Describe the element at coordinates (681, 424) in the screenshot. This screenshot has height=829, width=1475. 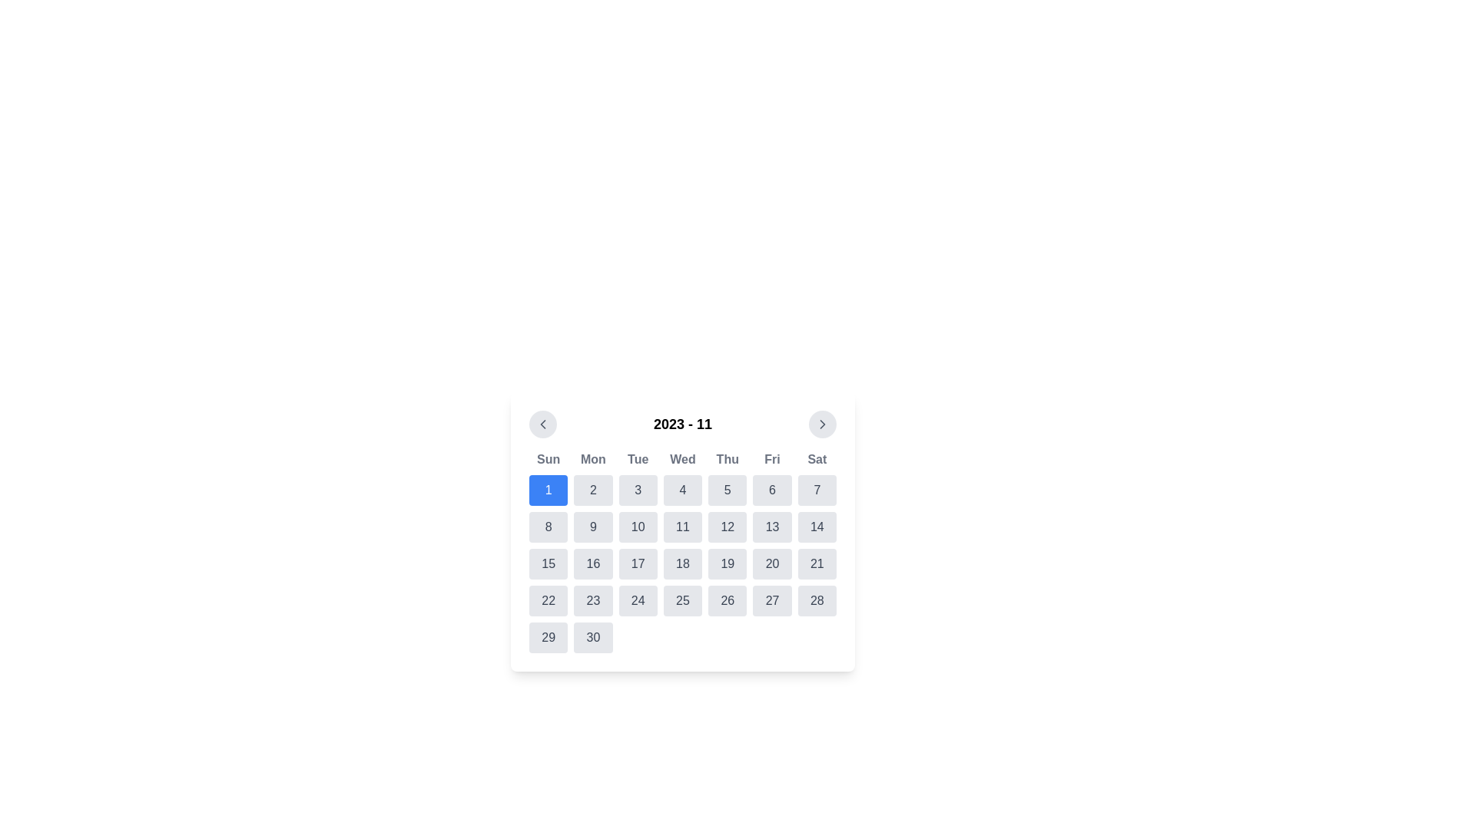
I see `the Text Label that indicates the currently selected year and month in the calendar interface, which is located at the top of the calendar widget` at that location.